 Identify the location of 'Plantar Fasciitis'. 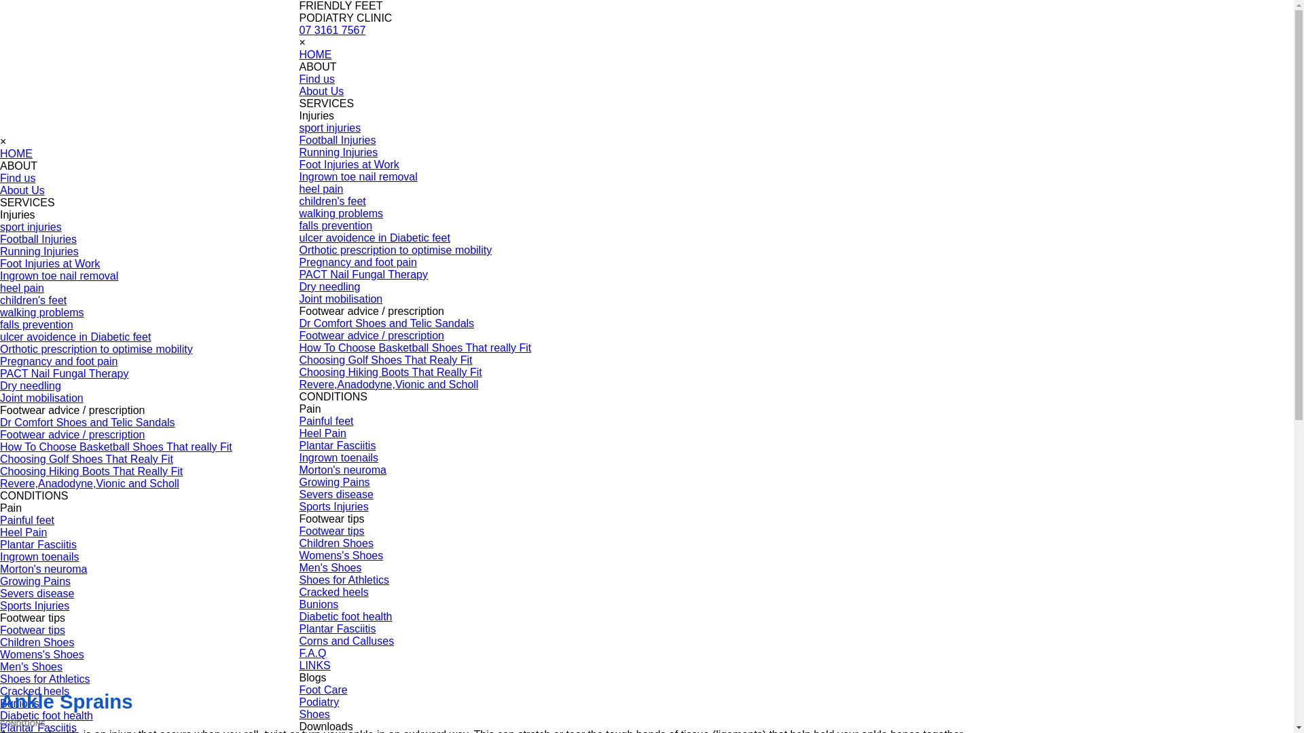
(337, 628).